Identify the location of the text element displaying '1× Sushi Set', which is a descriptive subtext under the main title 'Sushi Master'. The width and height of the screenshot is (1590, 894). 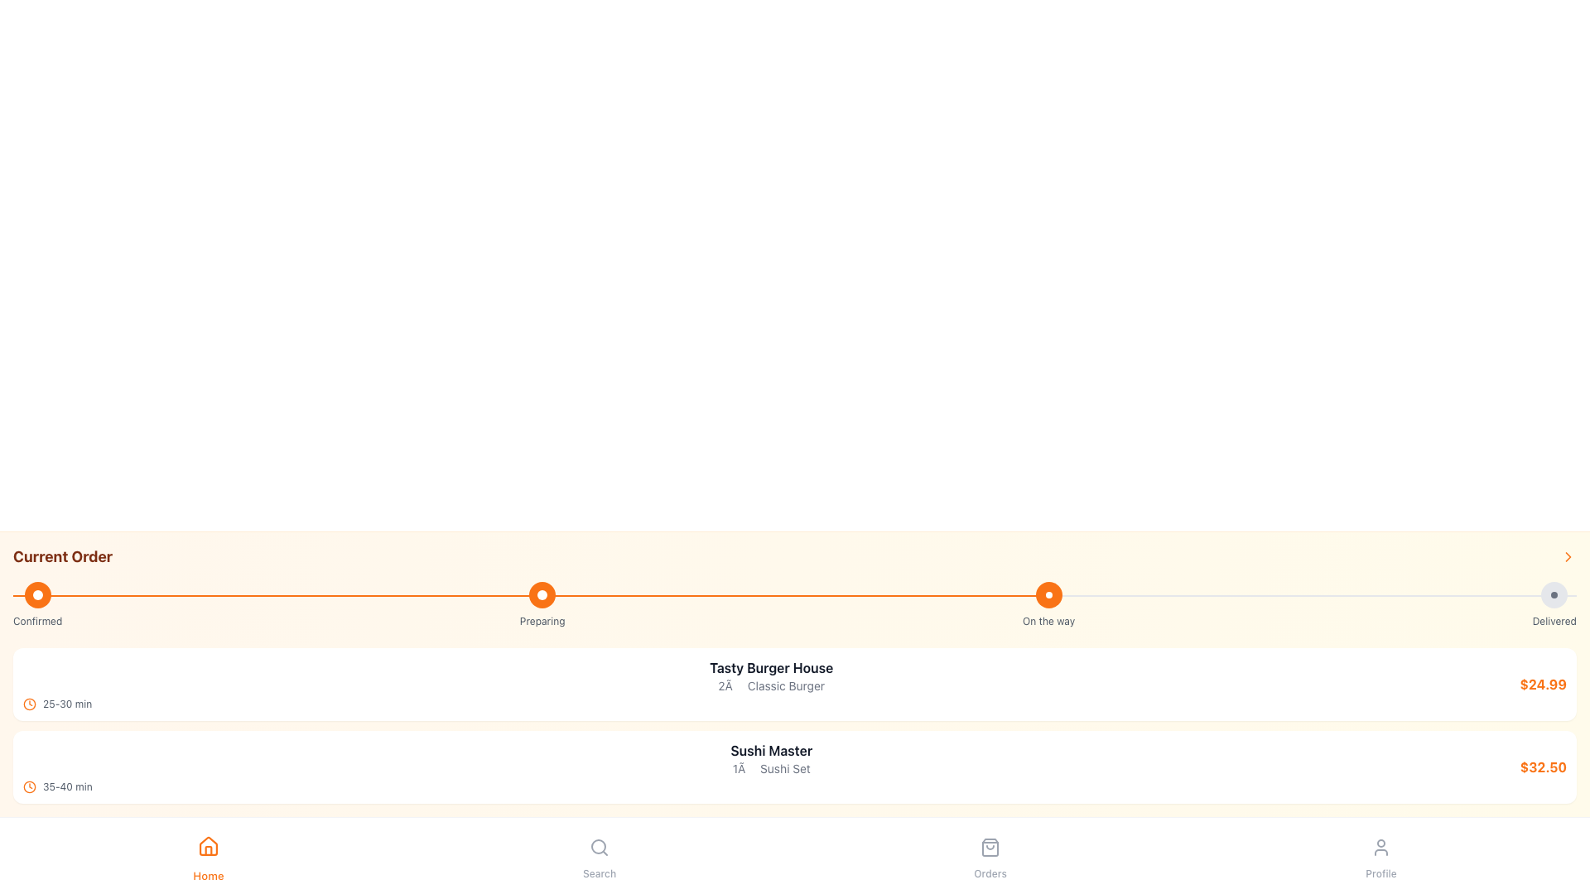
(770, 769).